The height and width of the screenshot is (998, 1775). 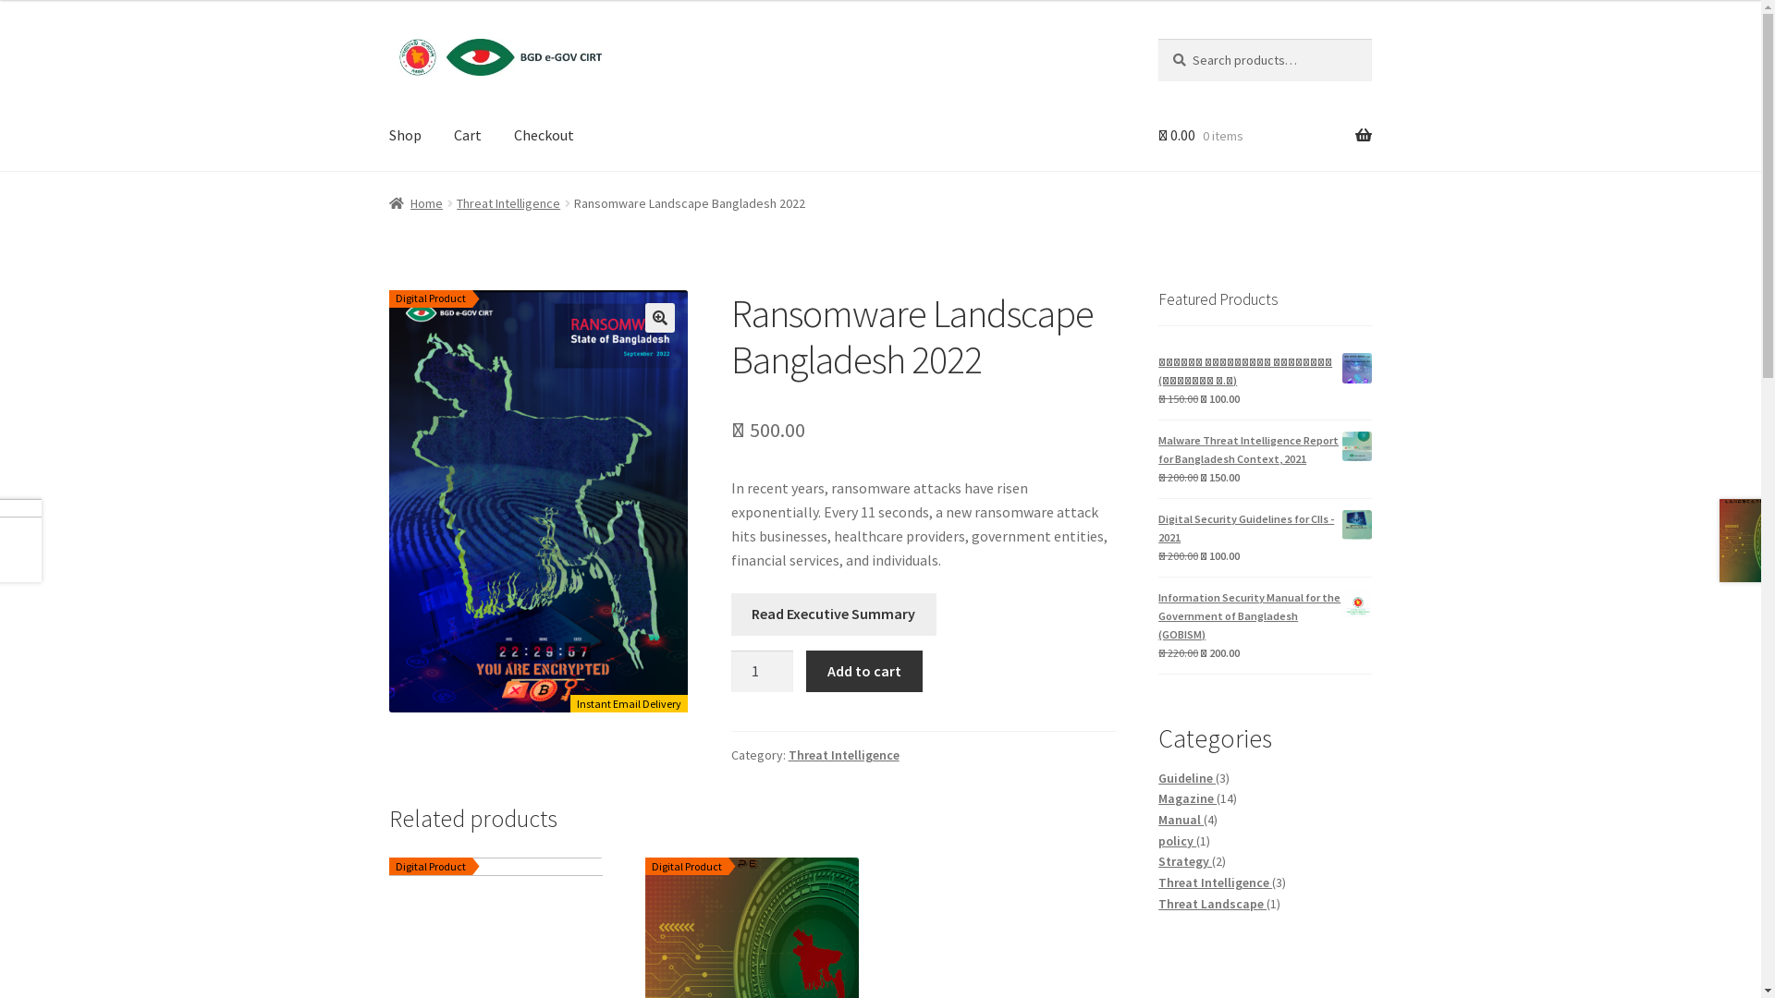 I want to click on 'Manual', so click(x=1180, y=819).